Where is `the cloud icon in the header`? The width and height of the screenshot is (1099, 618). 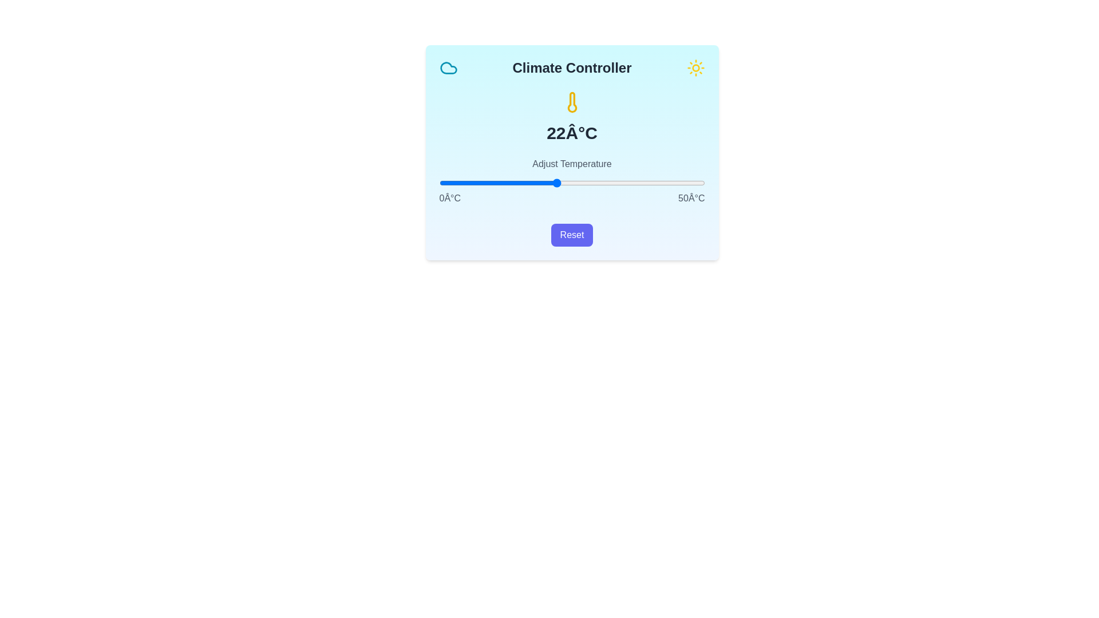
the cloud icon in the header is located at coordinates (448, 68).